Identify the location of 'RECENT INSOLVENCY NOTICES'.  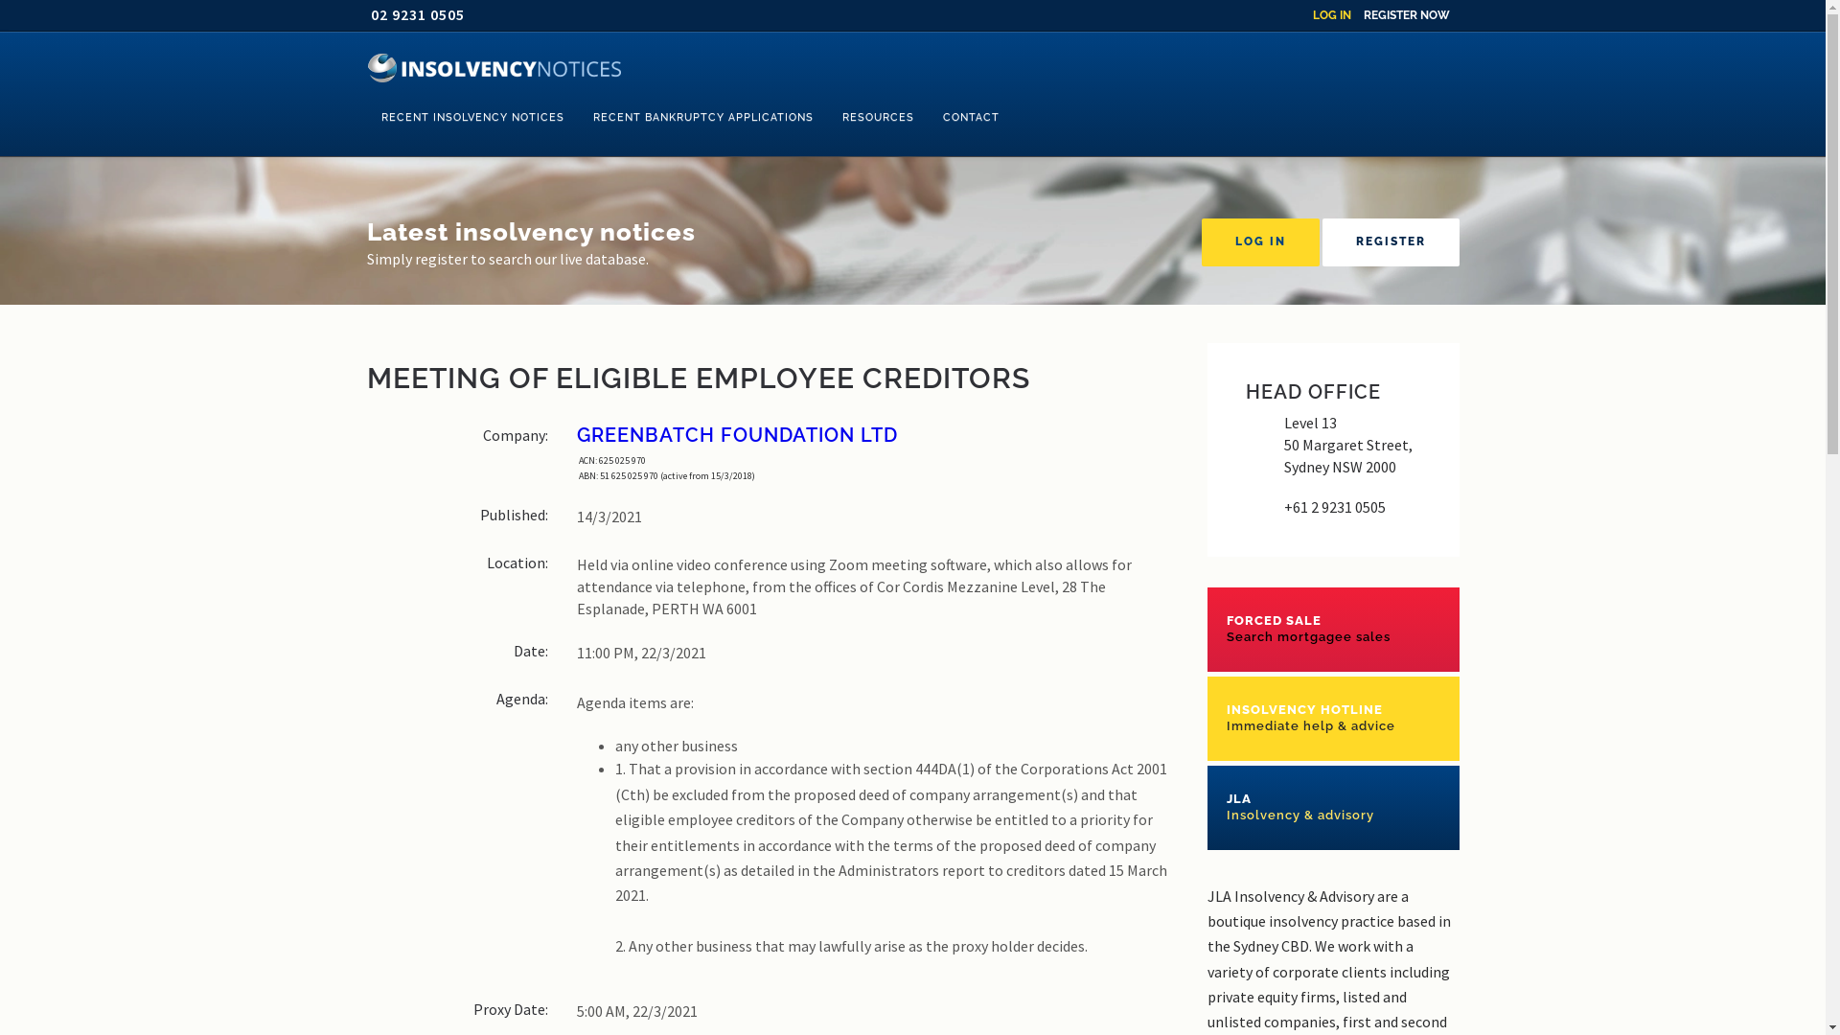
(366, 118).